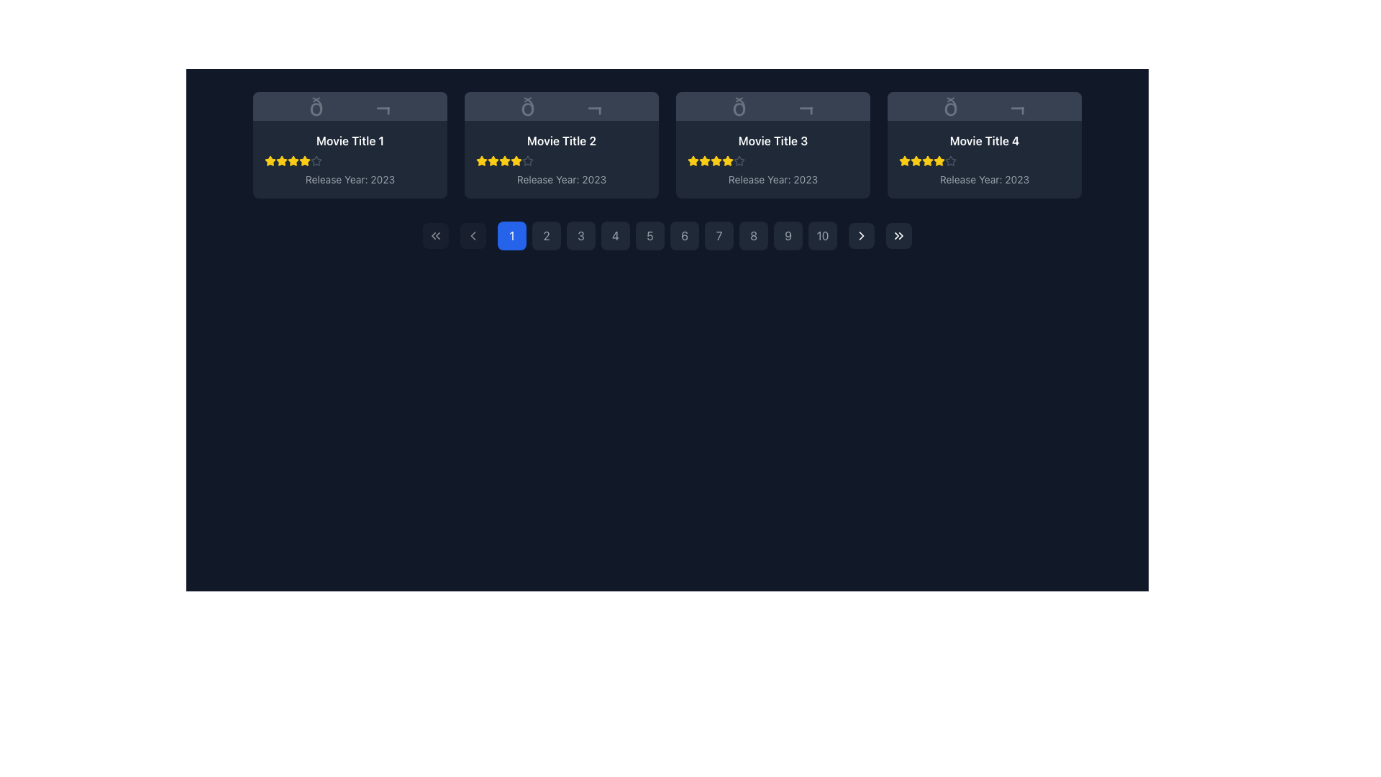 The height and width of the screenshot is (777, 1381). Describe the element at coordinates (915, 160) in the screenshot. I see `the third yellow star icon in the rating system for 'Movie Title 4' to rate it` at that location.